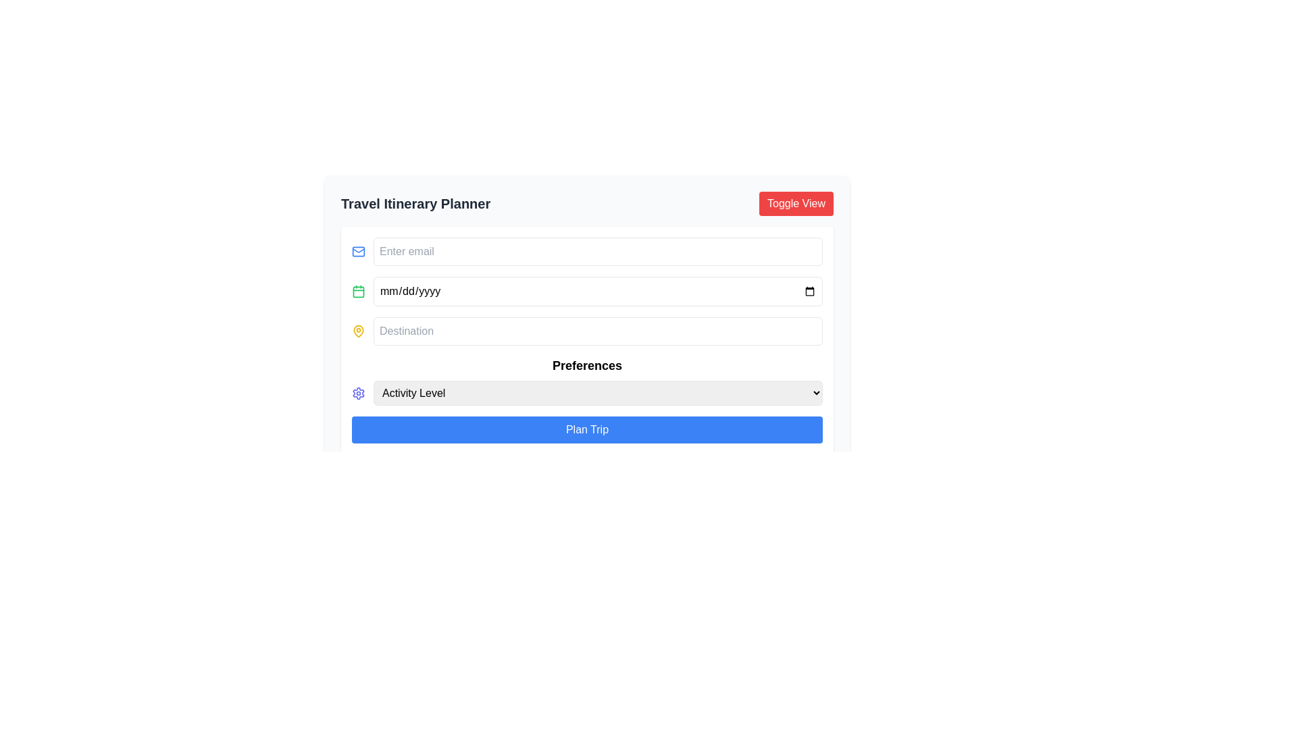 The image size is (1297, 729). What do you see at coordinates (587, 429) in the screenshot?
I see `the 'Plan Trip' button located at the bottom of the form` at bounding box center [587, 429].